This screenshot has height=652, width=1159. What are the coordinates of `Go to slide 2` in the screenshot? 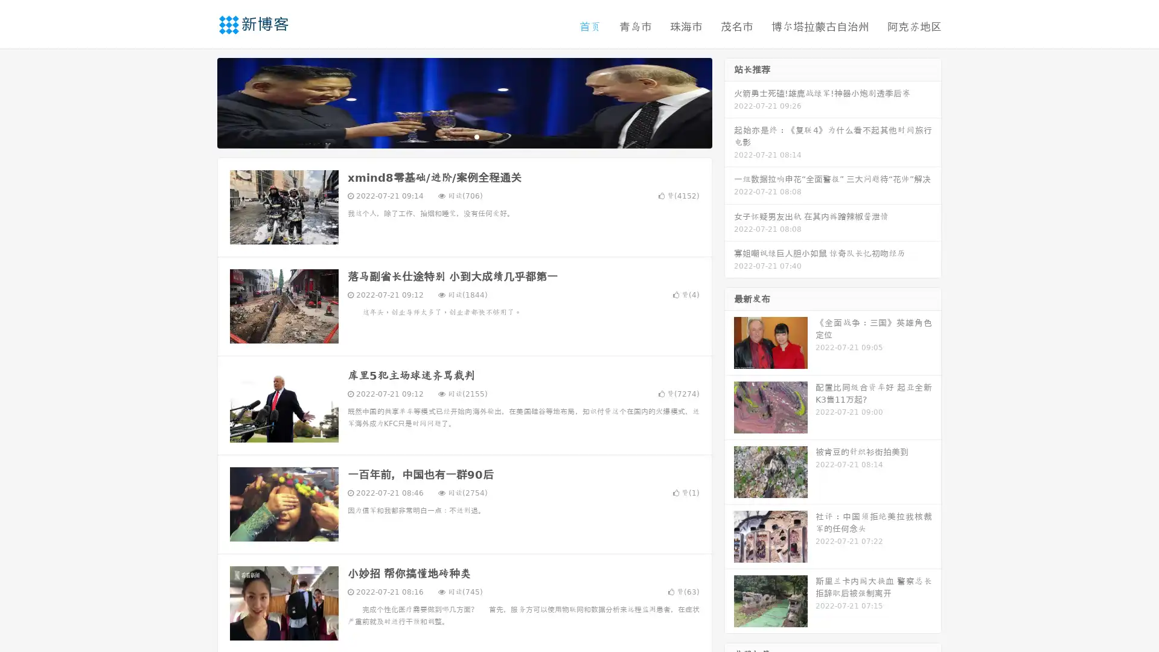 It's located at (464, 136).